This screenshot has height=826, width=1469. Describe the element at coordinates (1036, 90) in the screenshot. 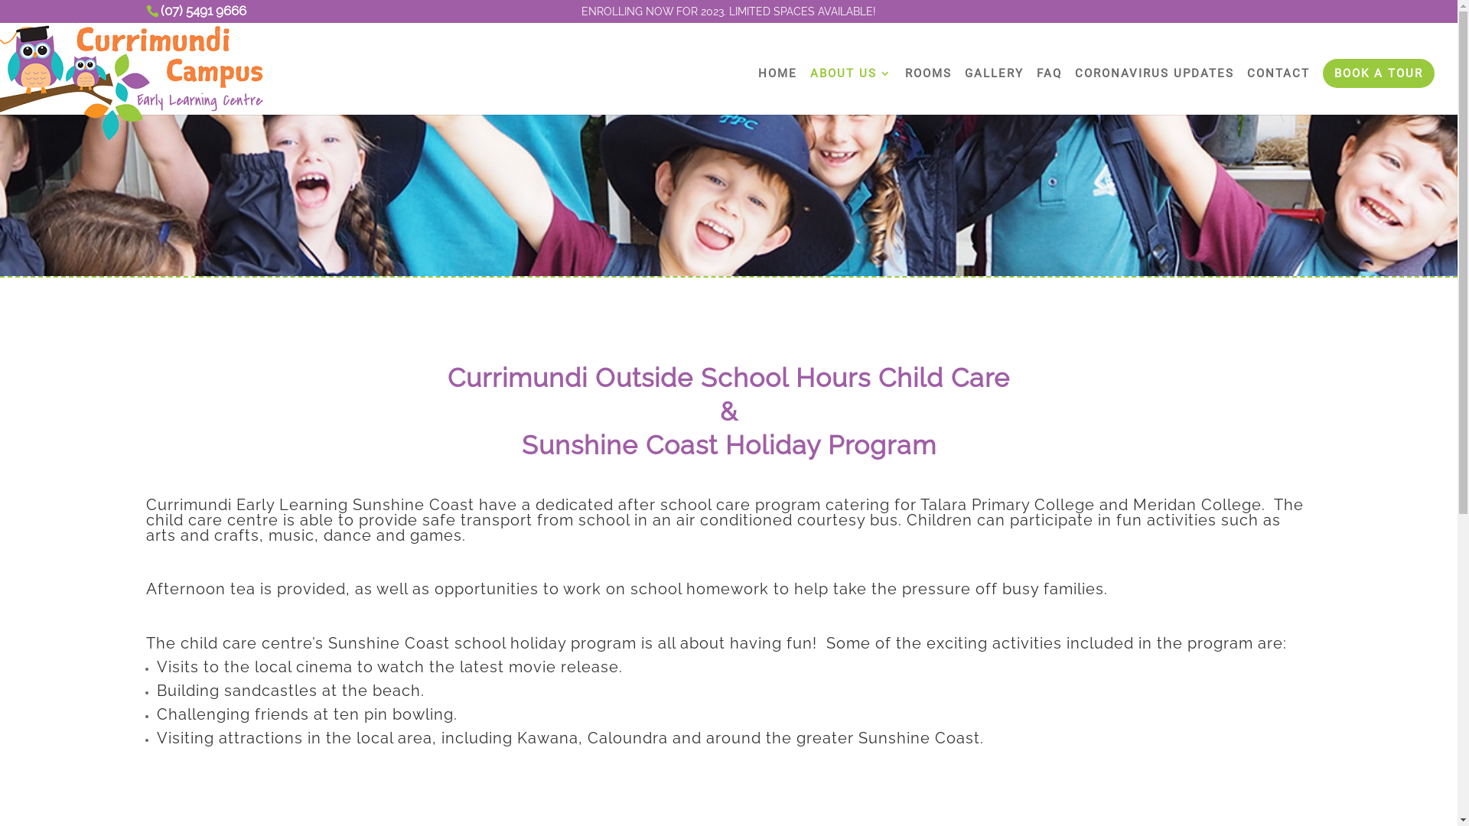

I see `'FAQ'` at that location.